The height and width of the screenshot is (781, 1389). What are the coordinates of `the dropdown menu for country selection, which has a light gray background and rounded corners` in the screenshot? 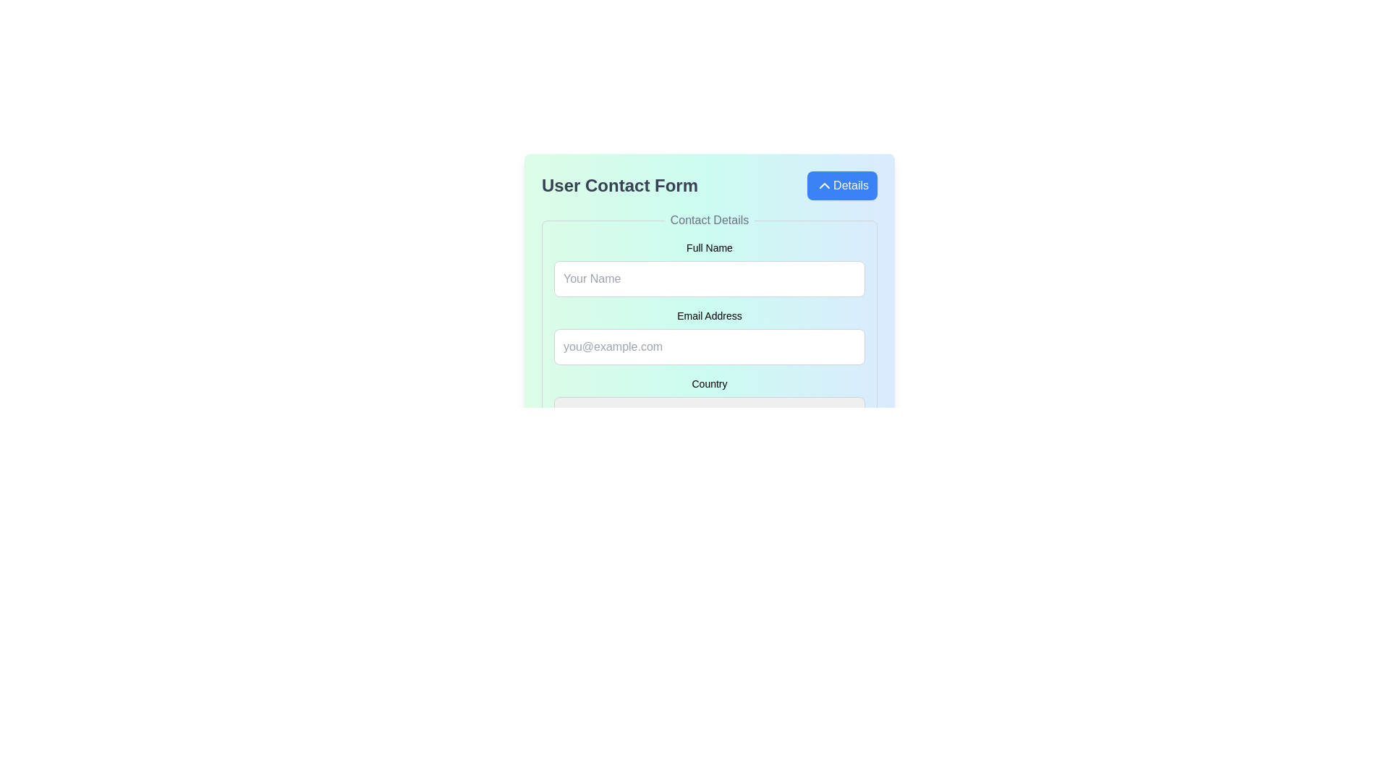 It's located at (709, 412).